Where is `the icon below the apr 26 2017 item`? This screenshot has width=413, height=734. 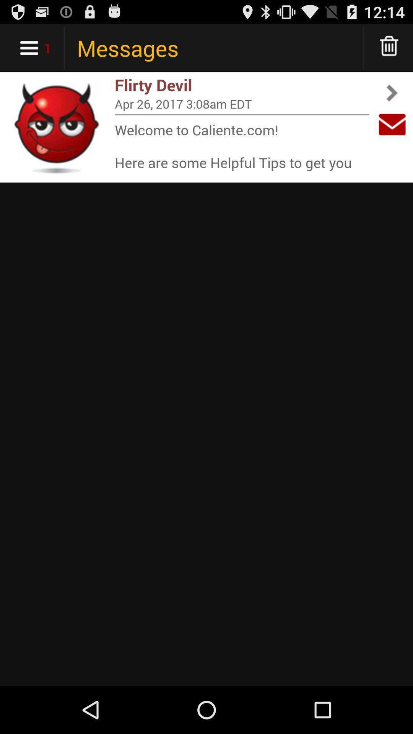 the icon below the apr 26 2017 item is located at coordinates (242, 114).